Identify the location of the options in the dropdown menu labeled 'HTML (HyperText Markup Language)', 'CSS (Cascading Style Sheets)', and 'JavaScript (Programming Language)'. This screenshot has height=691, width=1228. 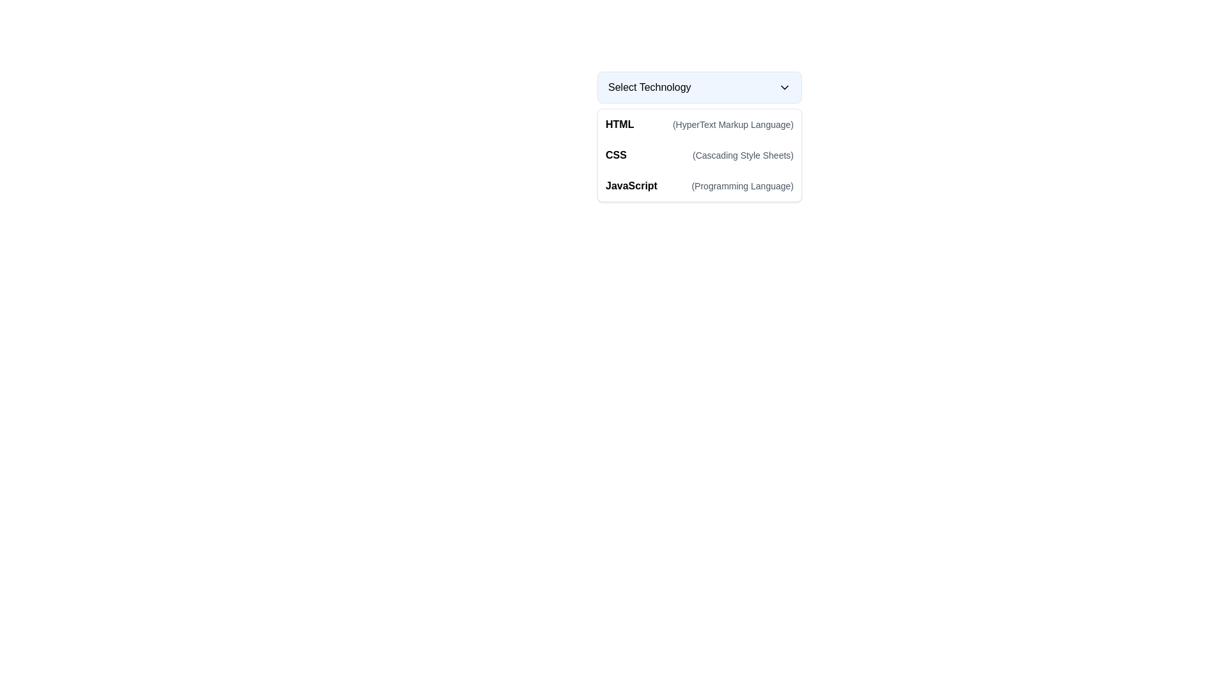
(699, 155).